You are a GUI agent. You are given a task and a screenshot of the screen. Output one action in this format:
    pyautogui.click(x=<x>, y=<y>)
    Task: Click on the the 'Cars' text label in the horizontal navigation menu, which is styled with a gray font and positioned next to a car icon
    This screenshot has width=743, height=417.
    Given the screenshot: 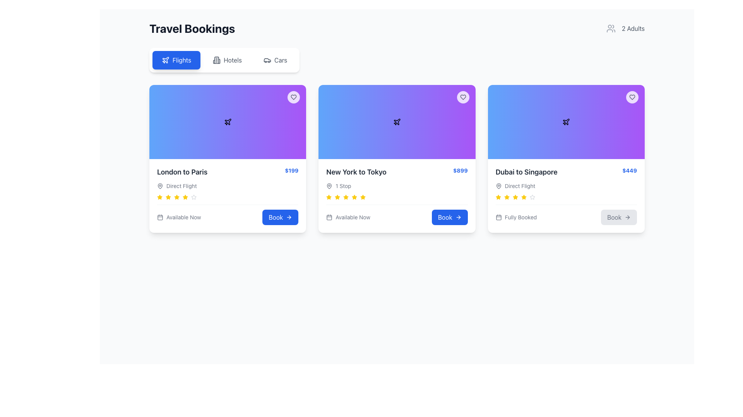 What is the action you would take?
    pyautogui.click(x=280, y=59)
    